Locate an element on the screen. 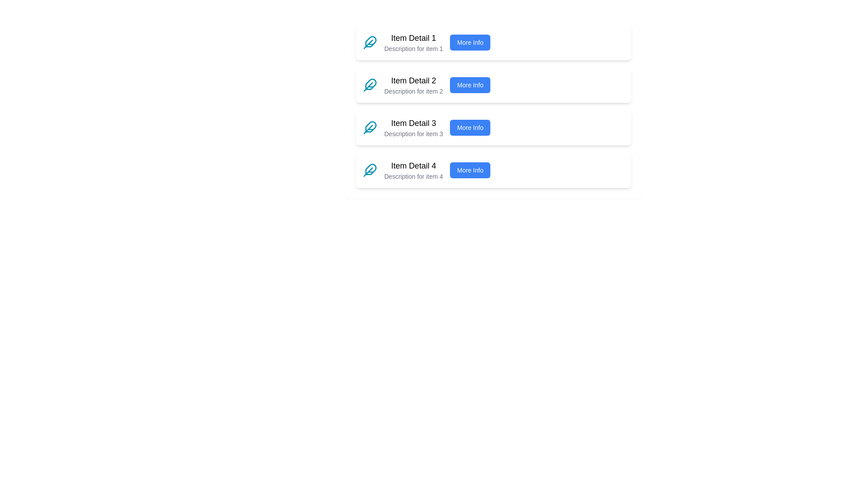 The width and height of the screenshot is (852, 479). the 'More Info' button, which is styled with a blue background and white text, located at the far right of the fourth item's description is located at coordinates (469, 170).